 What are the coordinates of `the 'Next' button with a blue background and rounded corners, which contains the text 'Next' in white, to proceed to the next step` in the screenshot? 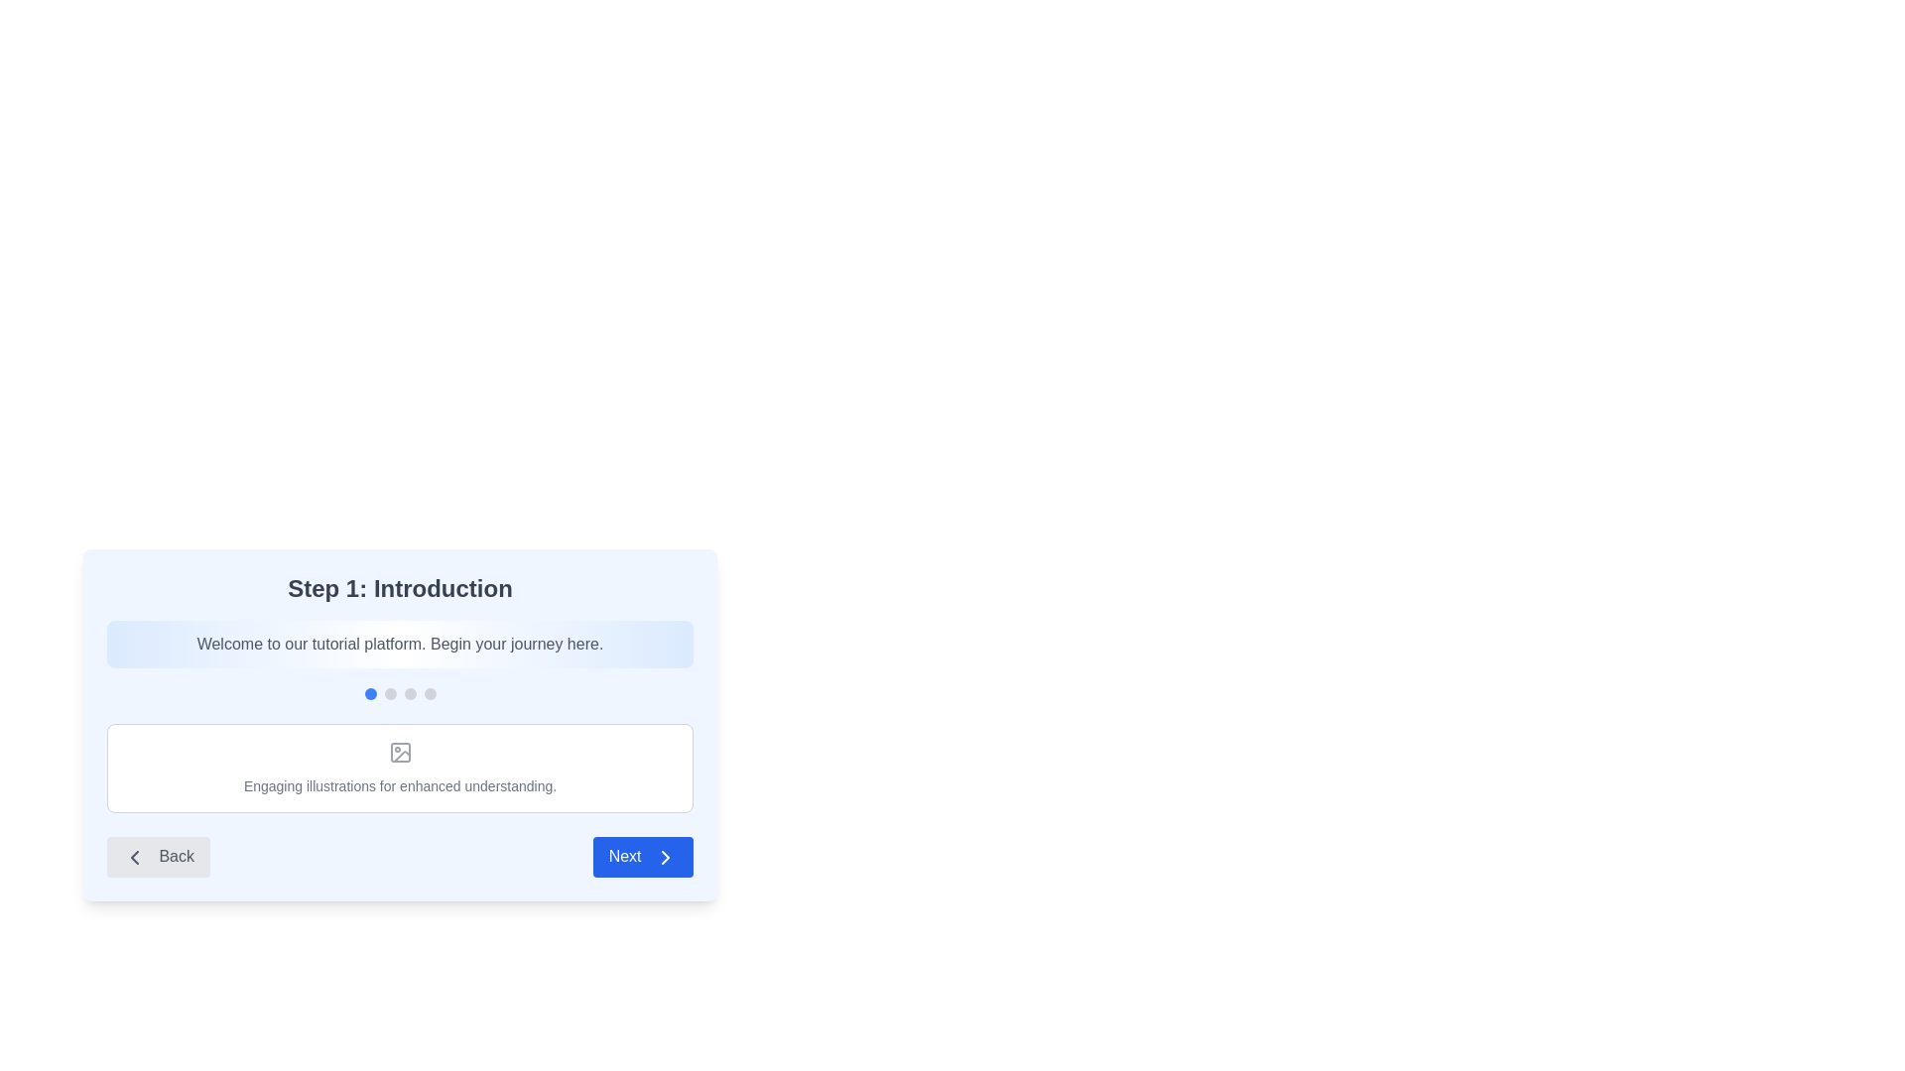 It's located at (643, 856).